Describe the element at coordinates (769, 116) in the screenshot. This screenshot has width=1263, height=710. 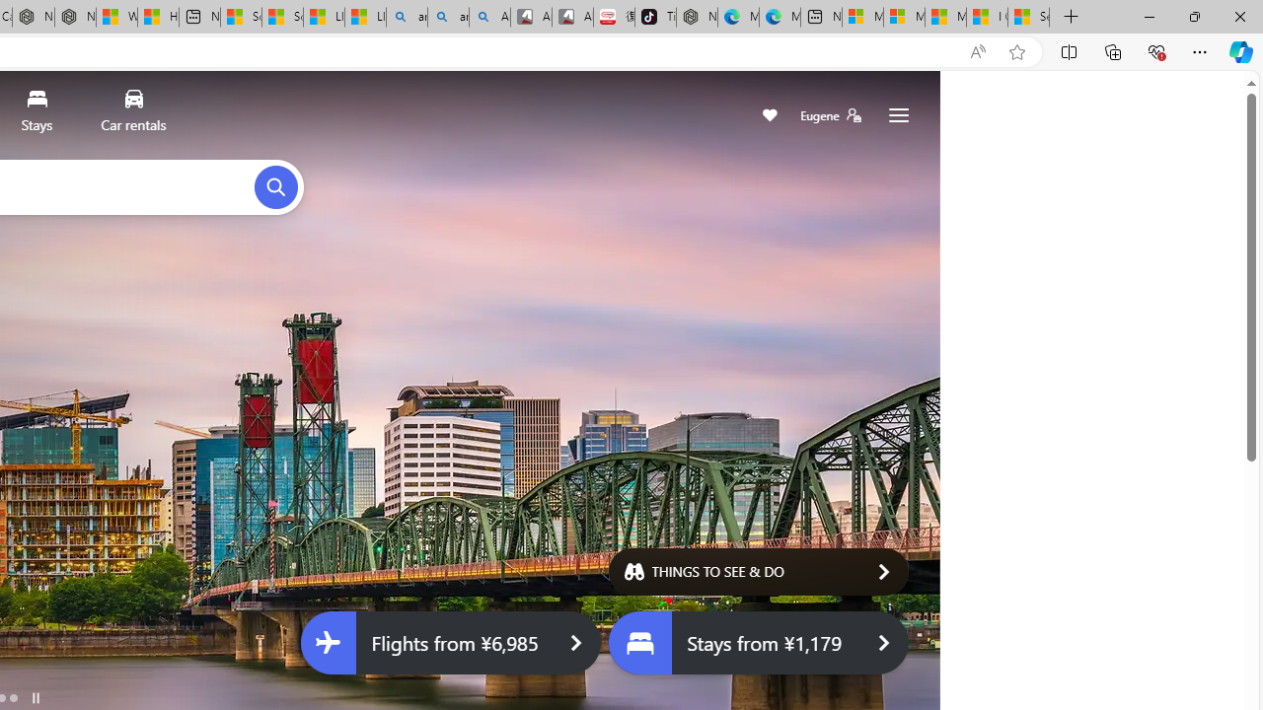
I see `'Save'` at that location.